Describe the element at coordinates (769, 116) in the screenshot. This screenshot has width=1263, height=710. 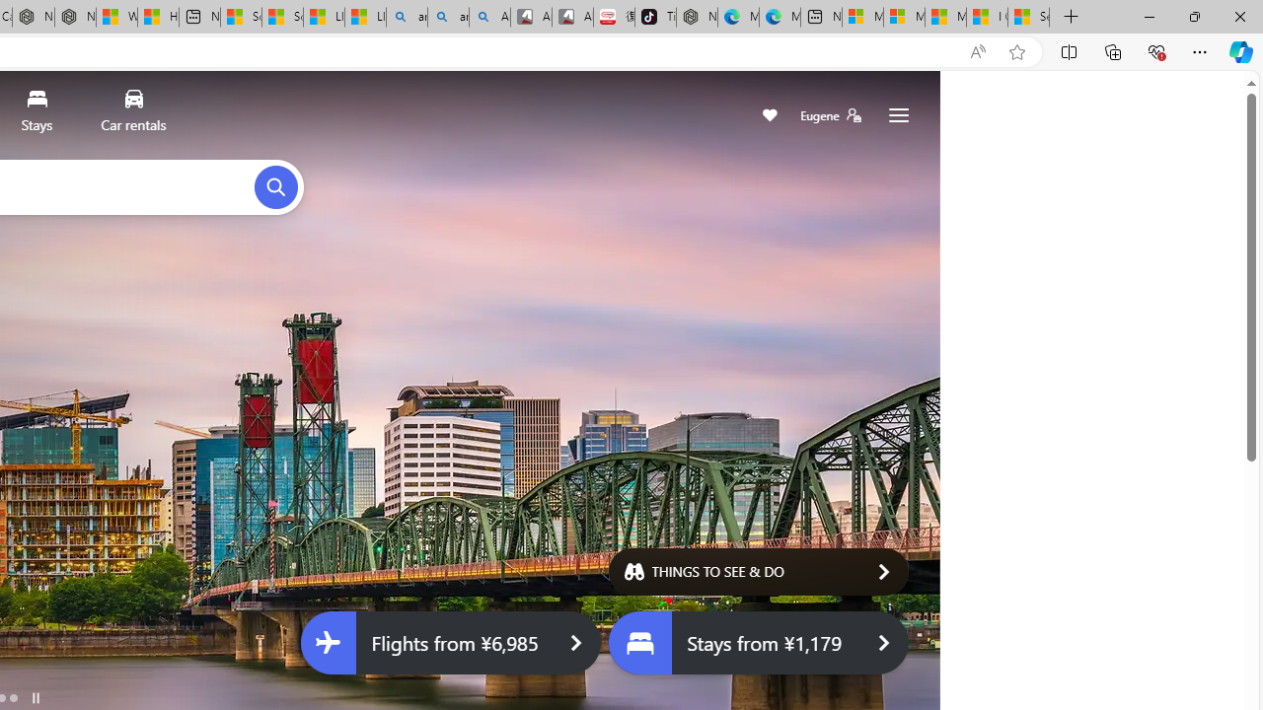
I see `'Save'` at that location.